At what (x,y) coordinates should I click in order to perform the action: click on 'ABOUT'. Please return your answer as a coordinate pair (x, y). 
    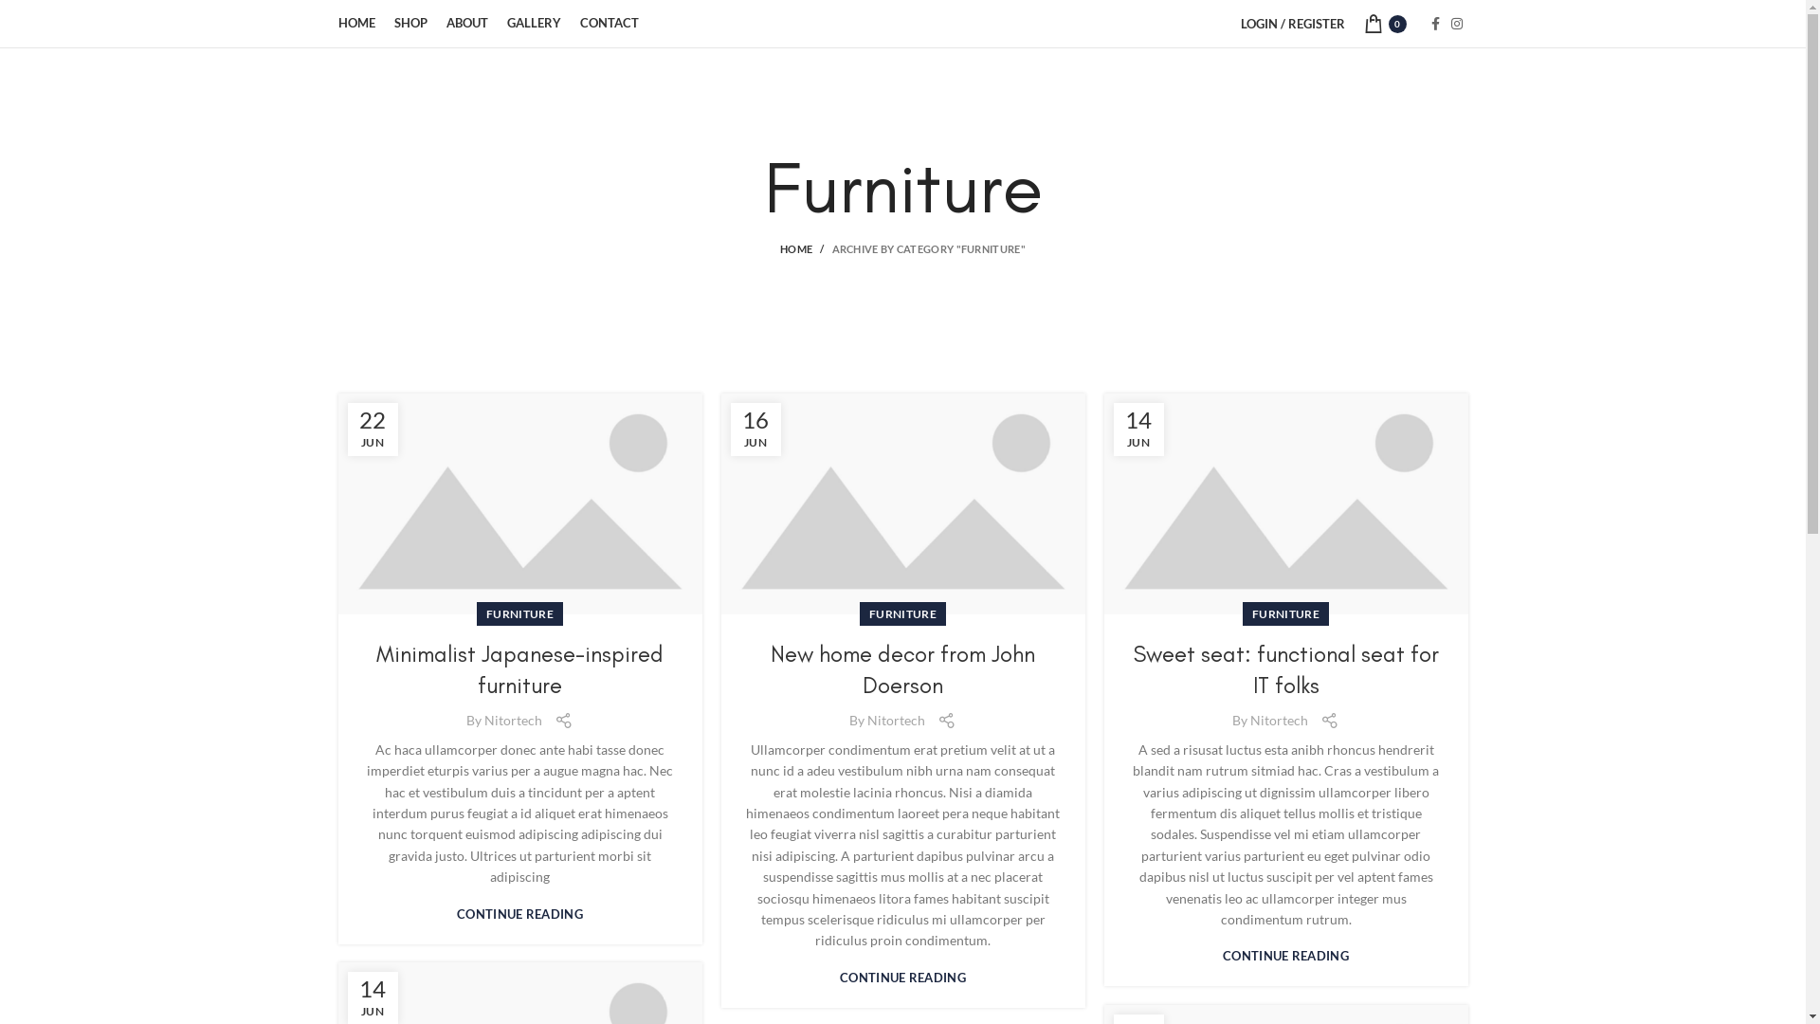
    Looking at the image, I should click on (435, 23).